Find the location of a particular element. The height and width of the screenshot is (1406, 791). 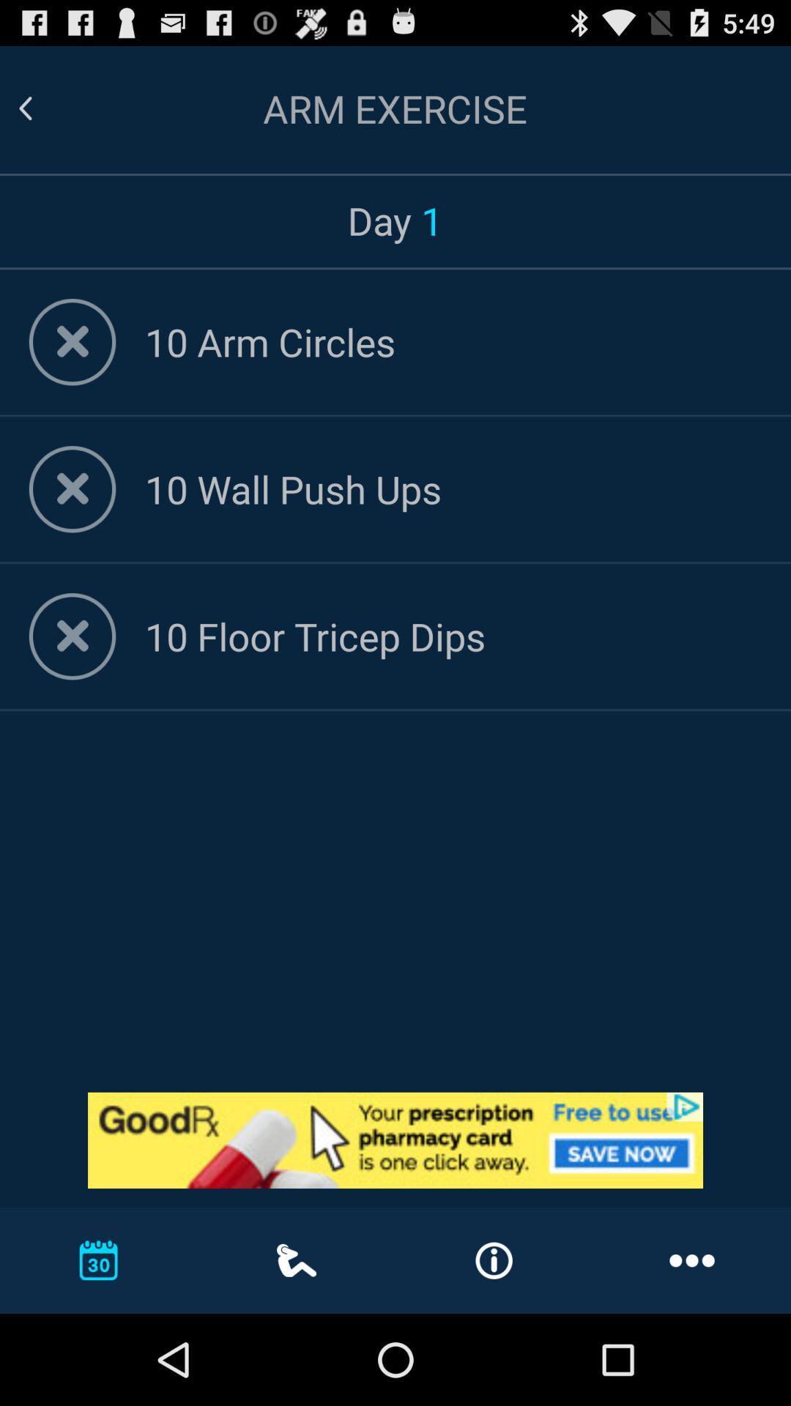

advertisement website is located at coordinates (395, 1139).